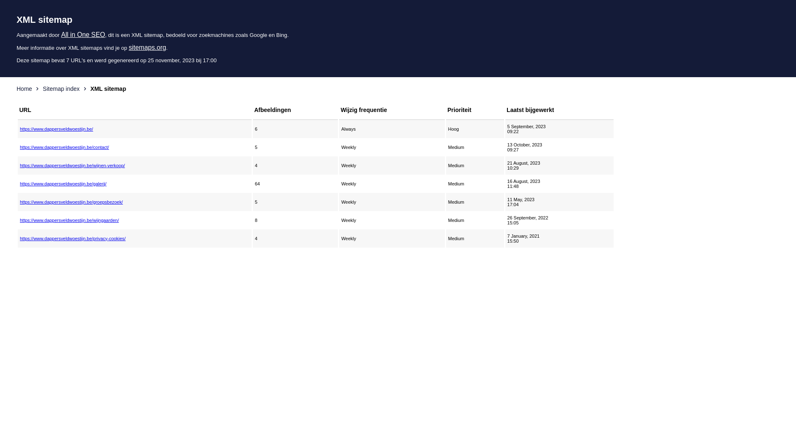  Describe the element at coordinates (61, 88) in the screenshot. I see `'Sitemap index'` at that location.